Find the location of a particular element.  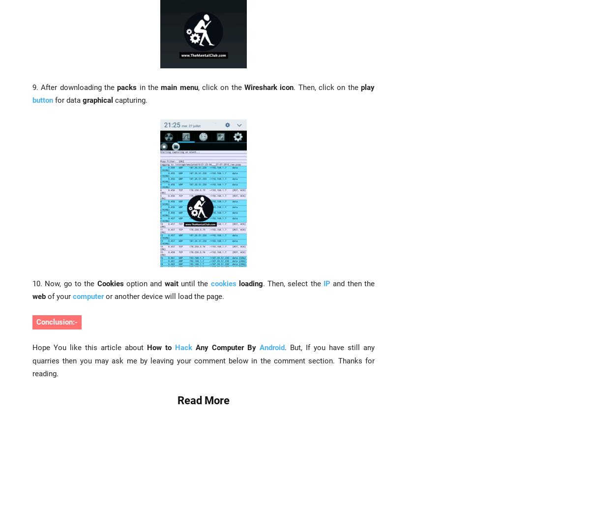

'capturing.' is located at coordinates (113, 100).